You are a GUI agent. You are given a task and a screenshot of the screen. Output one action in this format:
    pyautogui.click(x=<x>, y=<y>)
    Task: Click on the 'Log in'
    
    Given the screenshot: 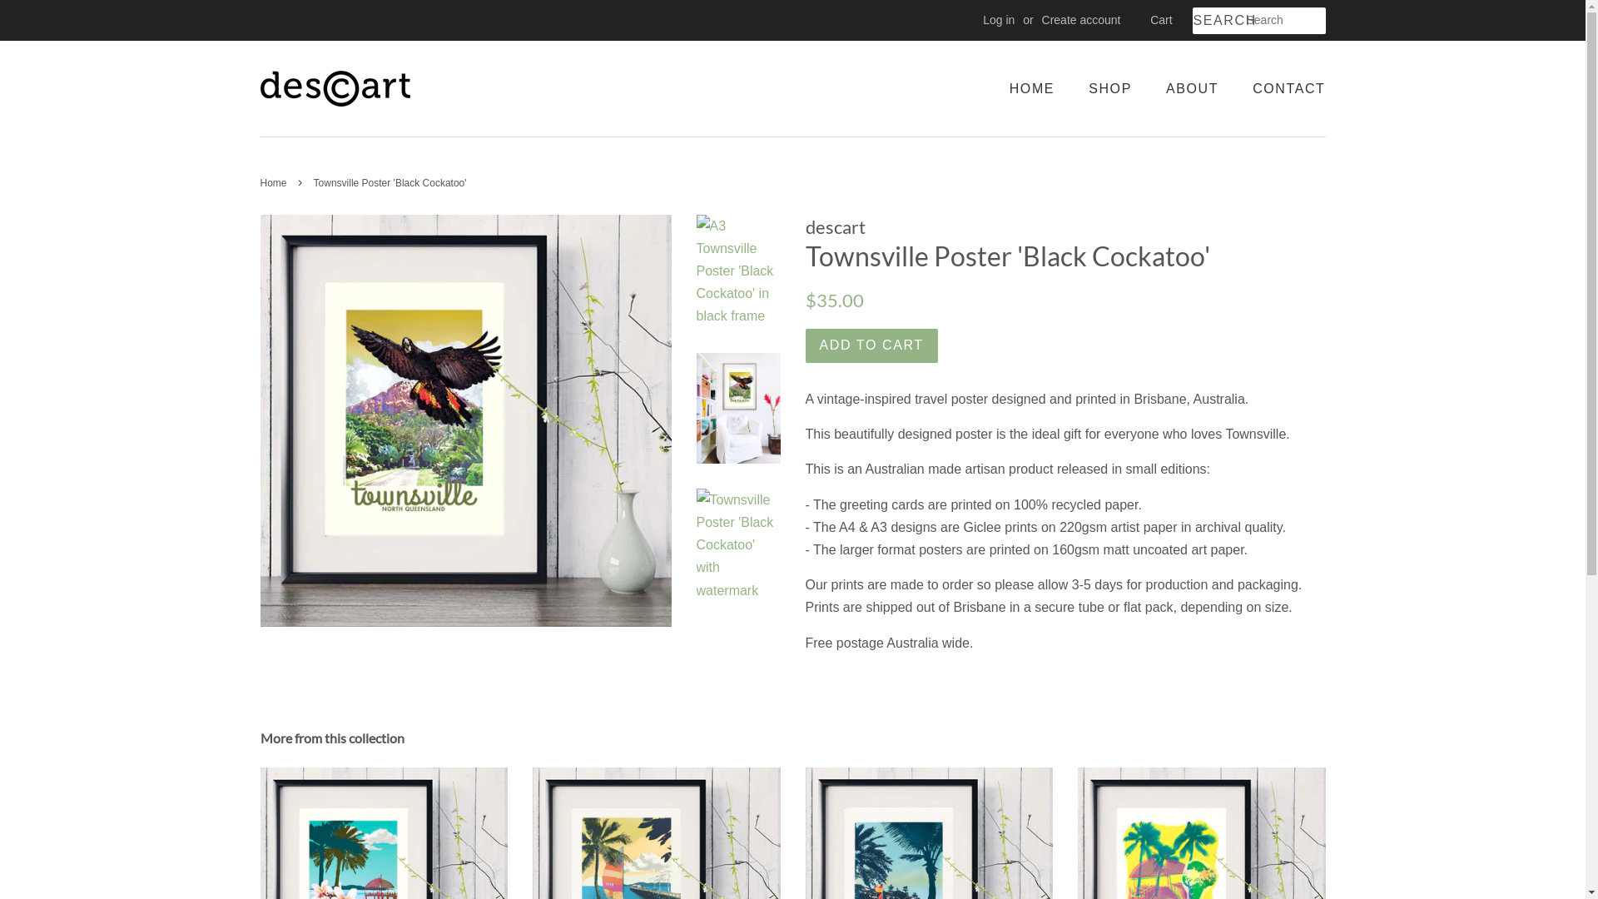 What is the action you would take?
    pyautogui.click(x=999, y=19)
    